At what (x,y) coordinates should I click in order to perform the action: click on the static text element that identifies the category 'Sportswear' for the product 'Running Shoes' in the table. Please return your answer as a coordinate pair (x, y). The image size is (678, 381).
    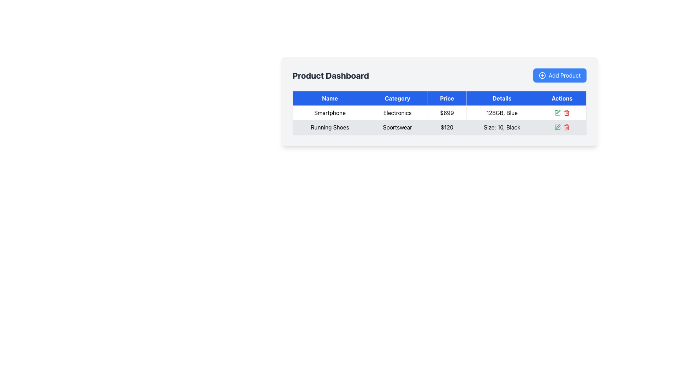
    Looking at the image, I should click on (397, 127).